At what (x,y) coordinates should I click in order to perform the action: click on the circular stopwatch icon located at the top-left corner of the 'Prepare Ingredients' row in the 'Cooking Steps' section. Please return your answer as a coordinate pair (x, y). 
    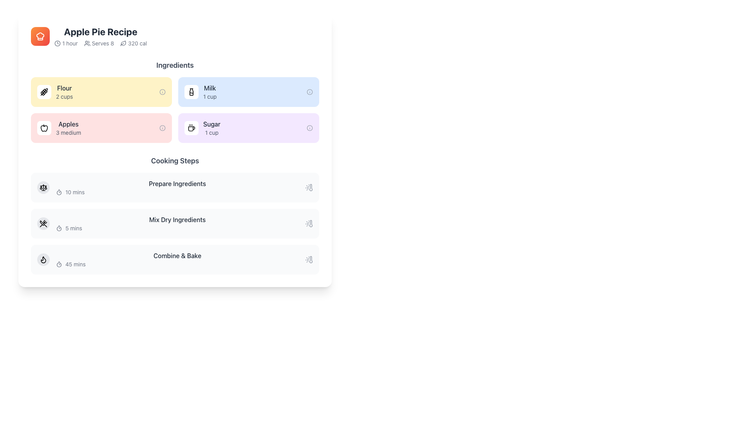
    Looking at the image, I should click on (58, 192).